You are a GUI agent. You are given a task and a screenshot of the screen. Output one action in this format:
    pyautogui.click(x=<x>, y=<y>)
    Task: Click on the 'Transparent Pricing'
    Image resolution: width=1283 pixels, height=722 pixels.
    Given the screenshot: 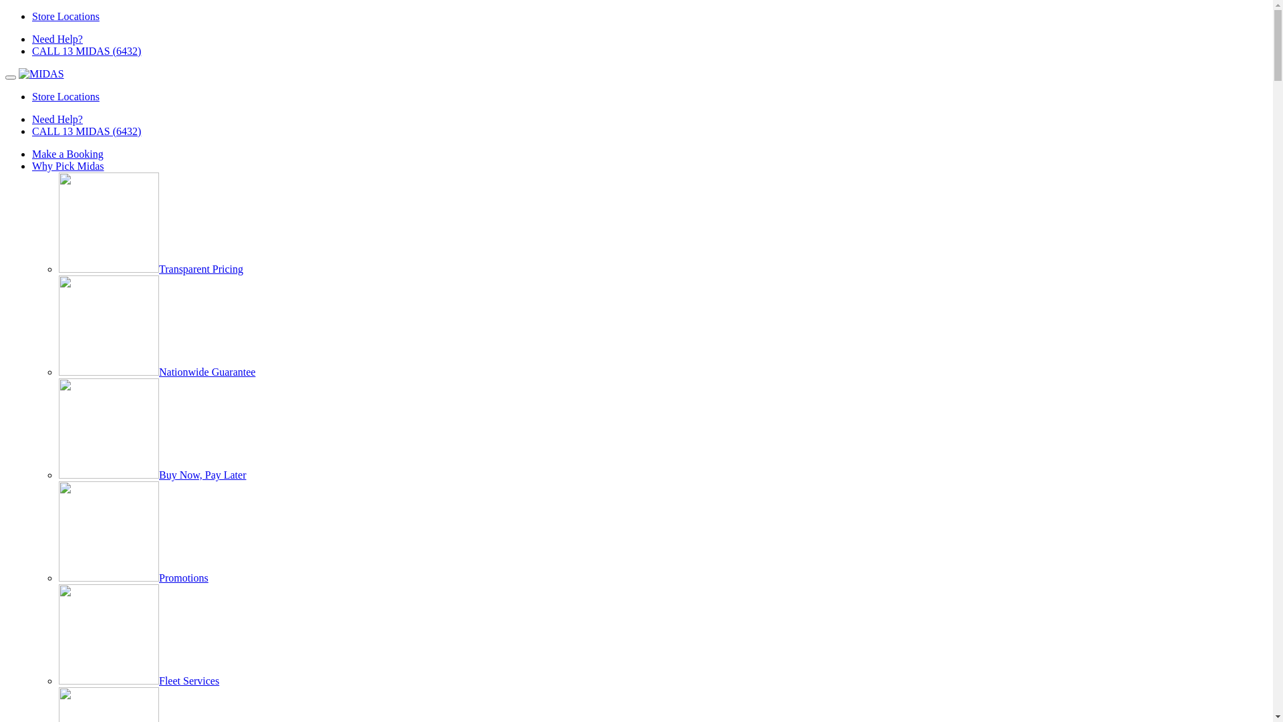 What is the action you would take?
    pyautogui.click(x=150, y=269)
    